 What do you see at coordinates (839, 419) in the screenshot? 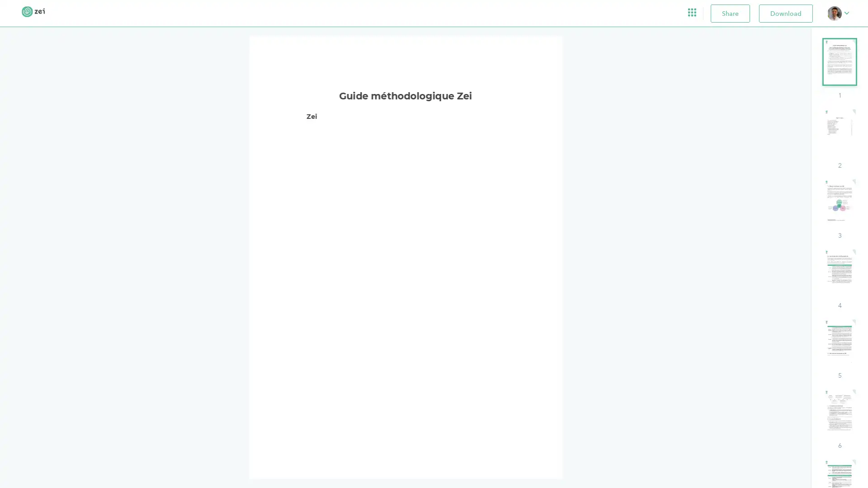
I see `Page 6` at bounding box center [839, 419].